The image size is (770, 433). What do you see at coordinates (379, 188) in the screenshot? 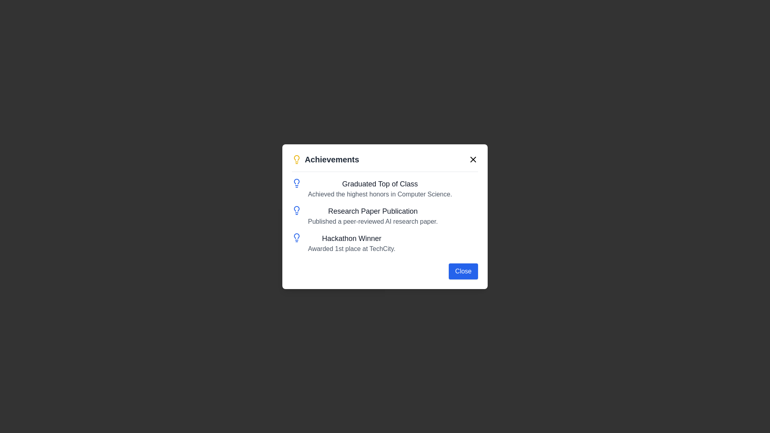
I see `the static textual description block of an achievement, which is the first item in the list under the header 'Achievements' in the modal dialog, indicated by a small blue light bulb icon to its left` at bounding box center [379, 188].